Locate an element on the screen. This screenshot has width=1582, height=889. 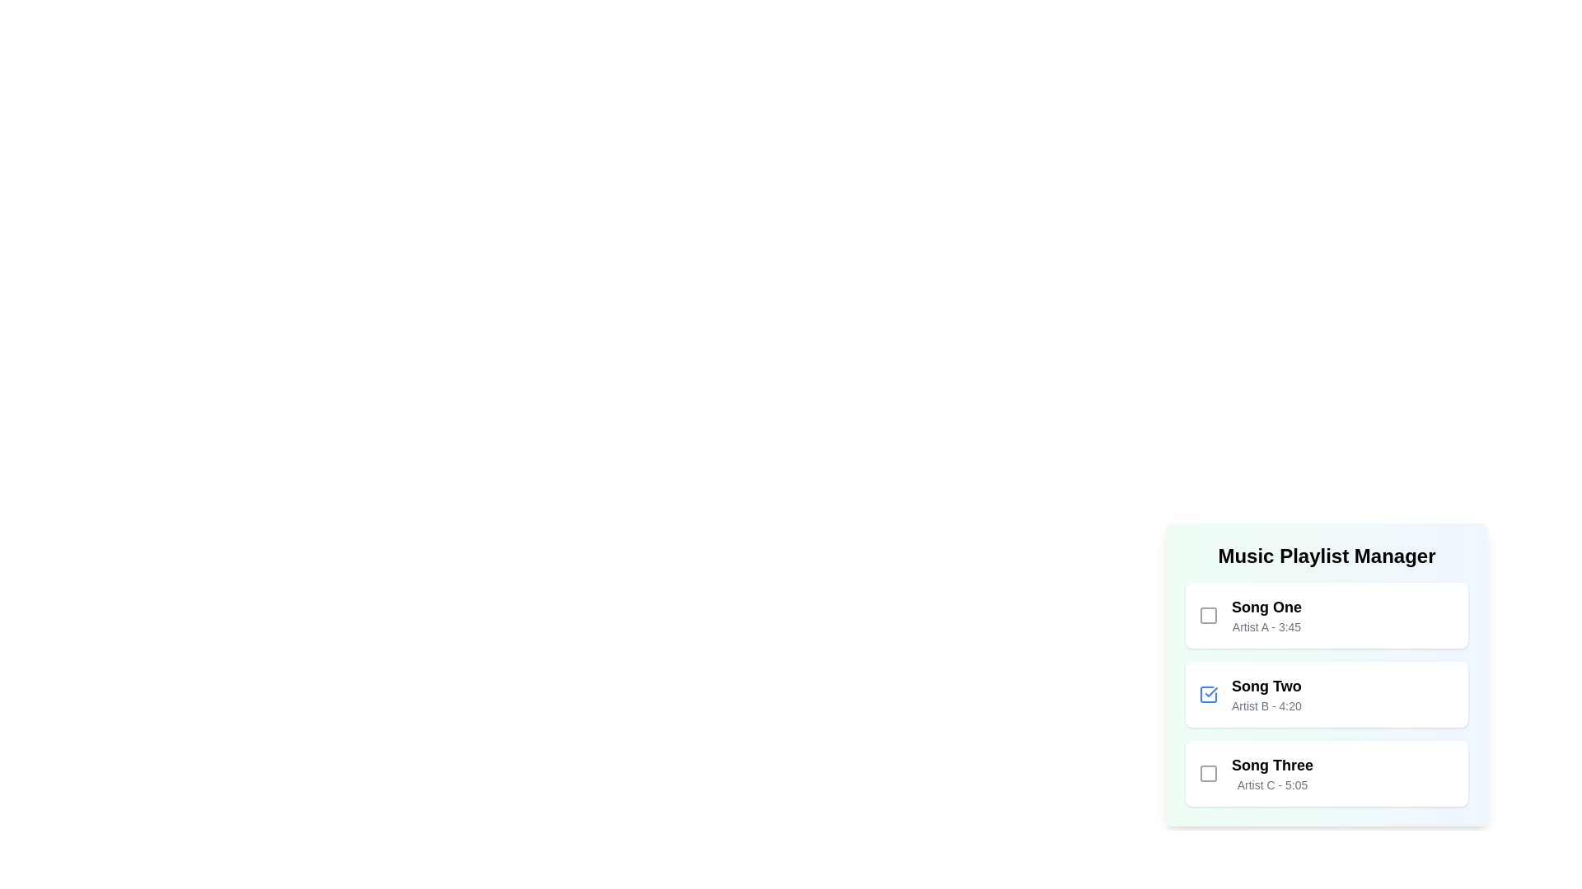
the Text Label displaying the artist name 'Artist B' and the duration '4:20' for the song 'Song Two', located beneath the 'Song Two' header in the playlist is located at coordinates (1266, 705).